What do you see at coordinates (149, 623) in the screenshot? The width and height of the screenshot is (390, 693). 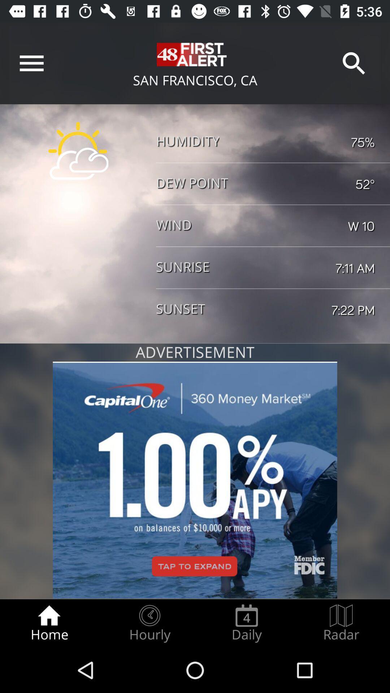 I see `the hourly radio button` at bounding box center [149, 623].